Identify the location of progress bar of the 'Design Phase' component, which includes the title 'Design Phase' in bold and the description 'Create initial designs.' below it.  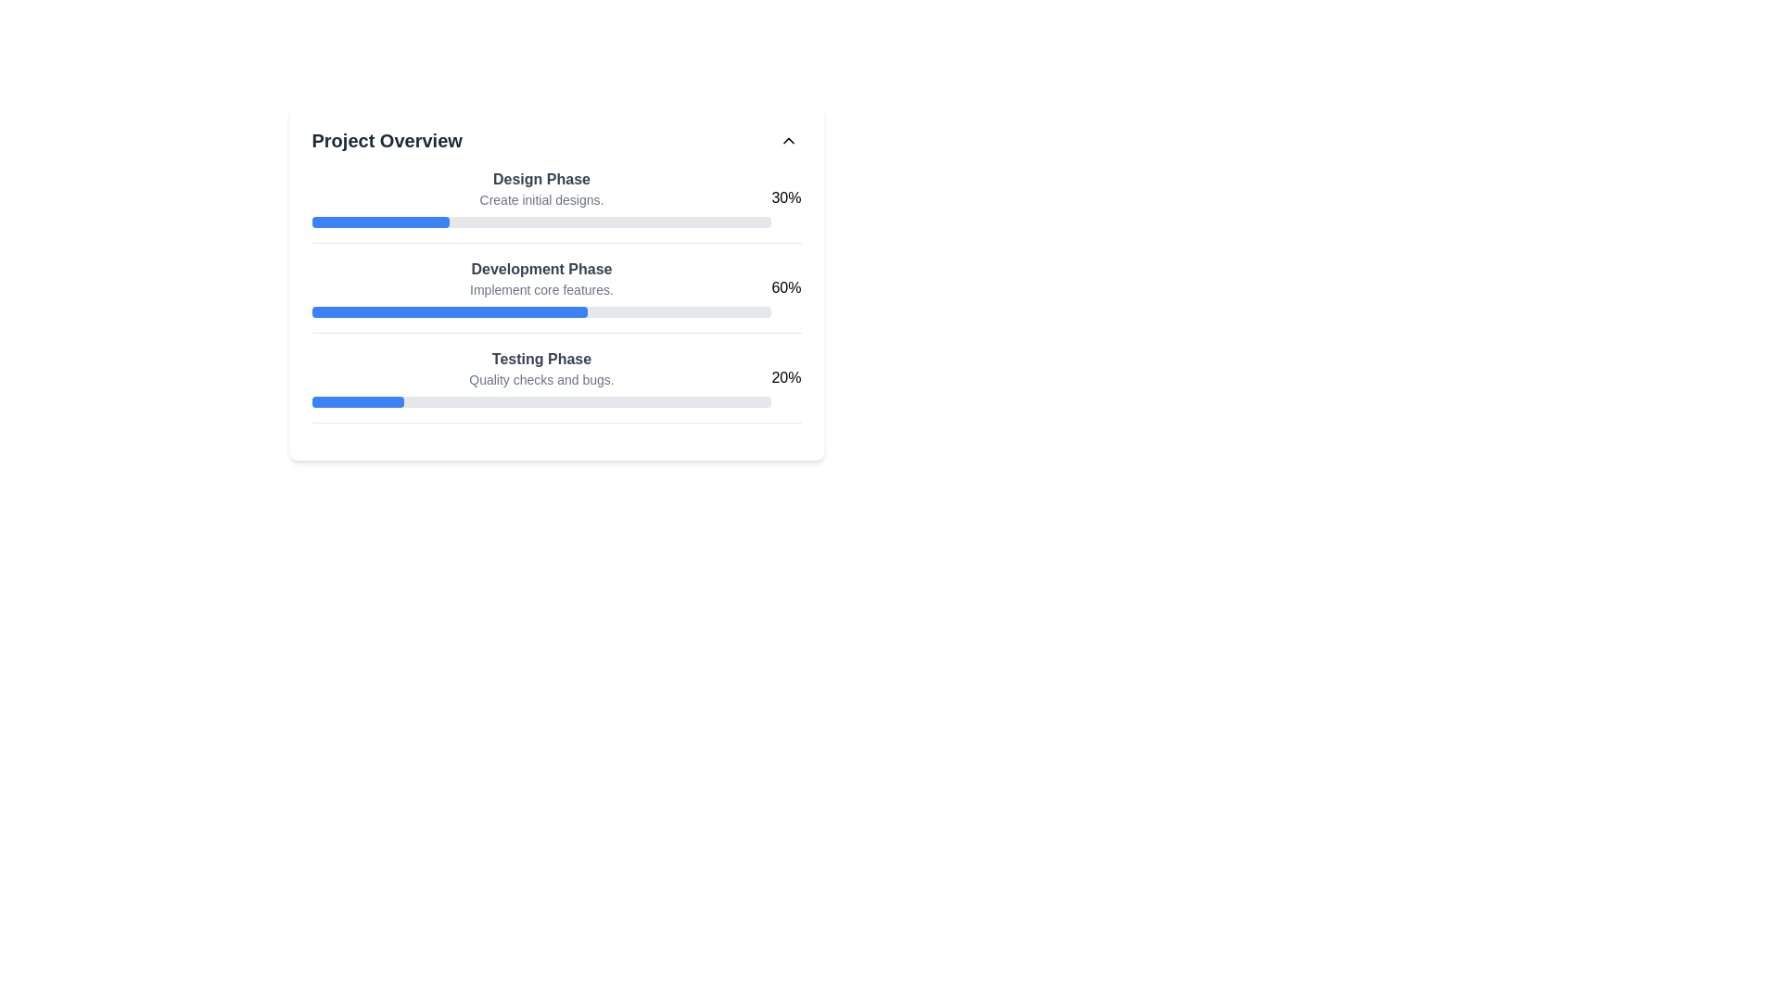
(540, 197).